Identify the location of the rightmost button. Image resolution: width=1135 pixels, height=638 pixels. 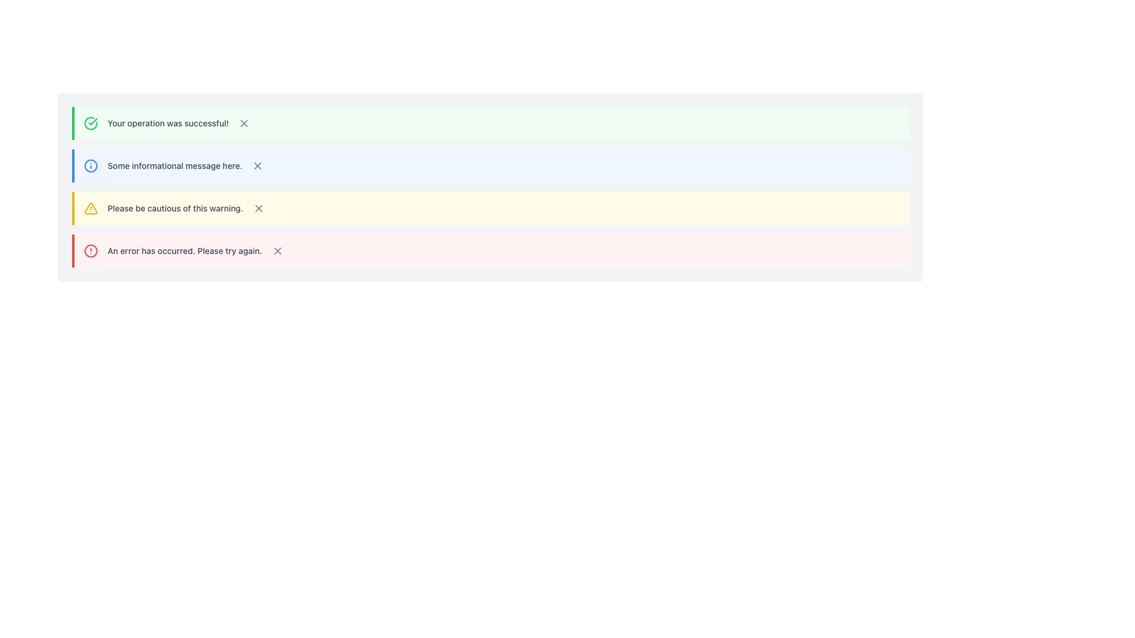
(258, 208).